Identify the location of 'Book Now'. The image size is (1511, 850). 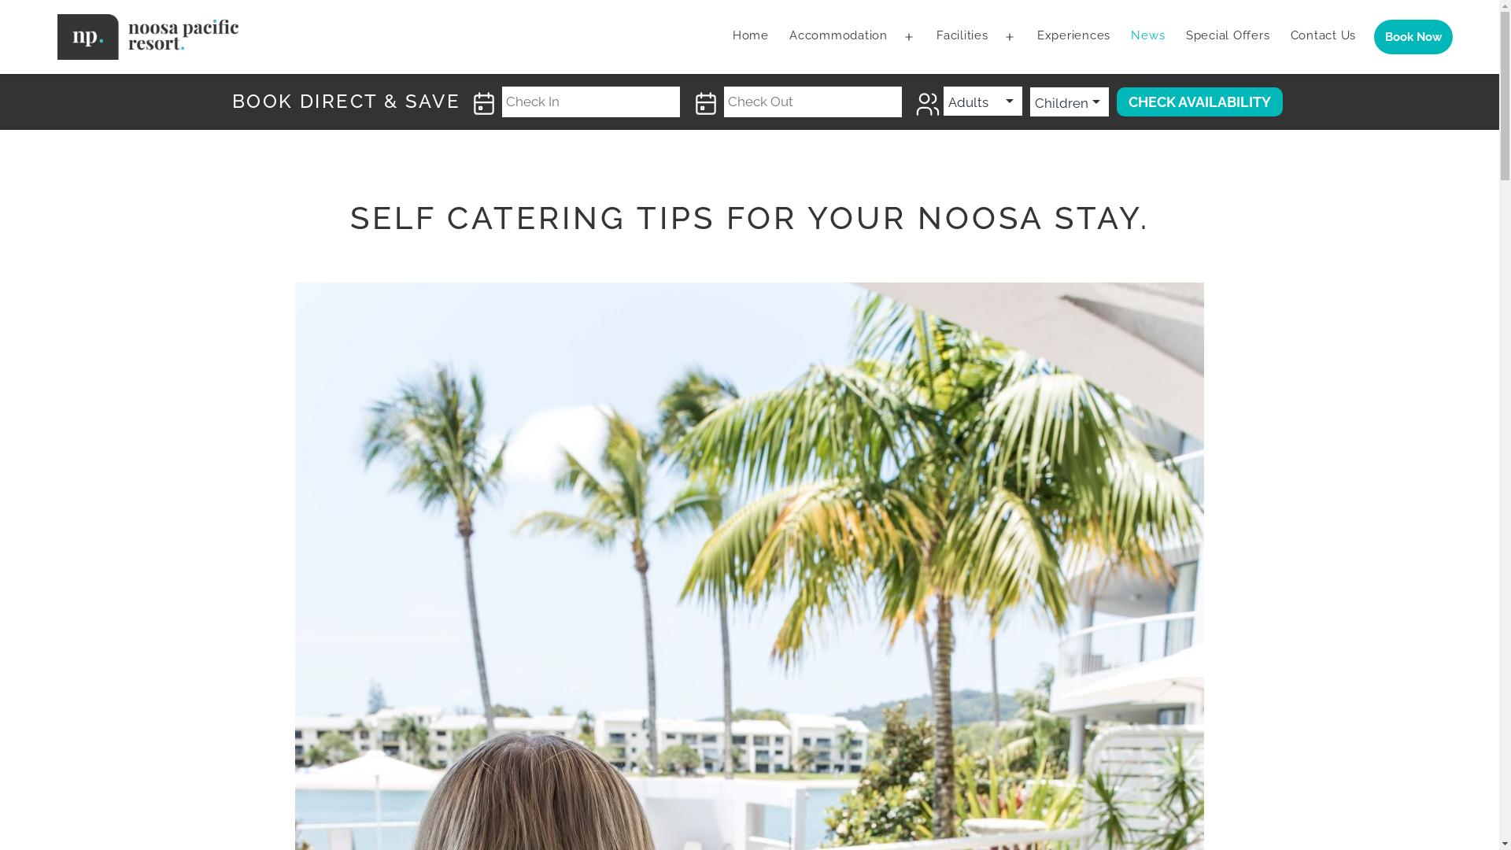
(1413, 35).